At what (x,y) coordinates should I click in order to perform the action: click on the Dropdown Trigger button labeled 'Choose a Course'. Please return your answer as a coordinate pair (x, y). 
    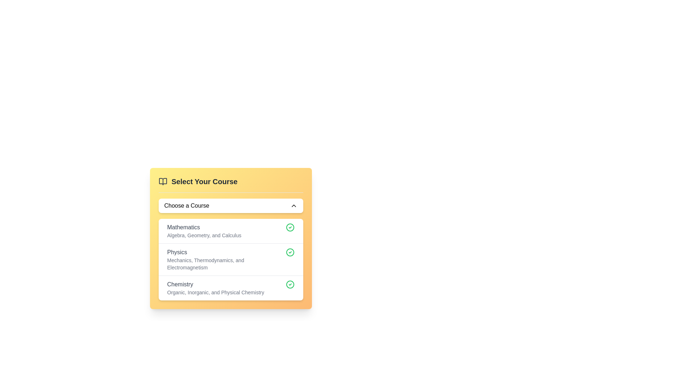
    Looking at the image, I should click on (230, 206).